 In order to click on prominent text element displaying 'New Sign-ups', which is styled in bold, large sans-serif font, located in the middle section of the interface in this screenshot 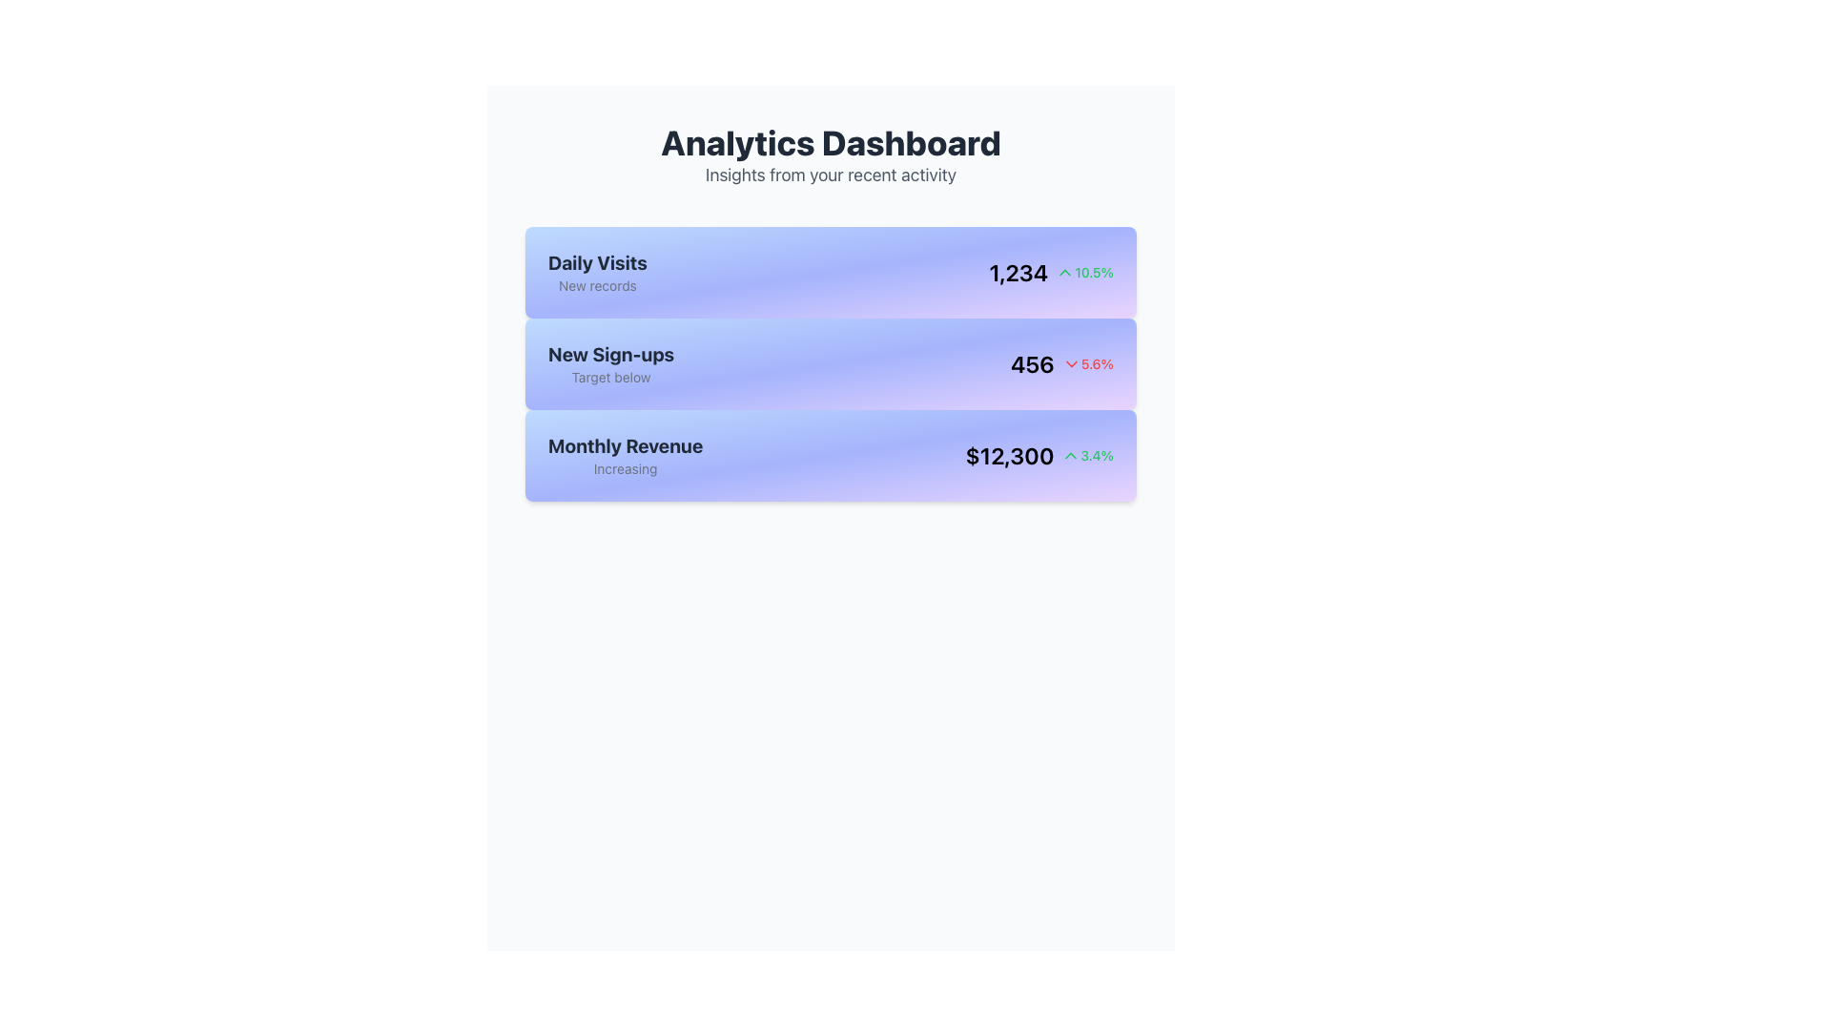, I will do `click(611, 354)`.